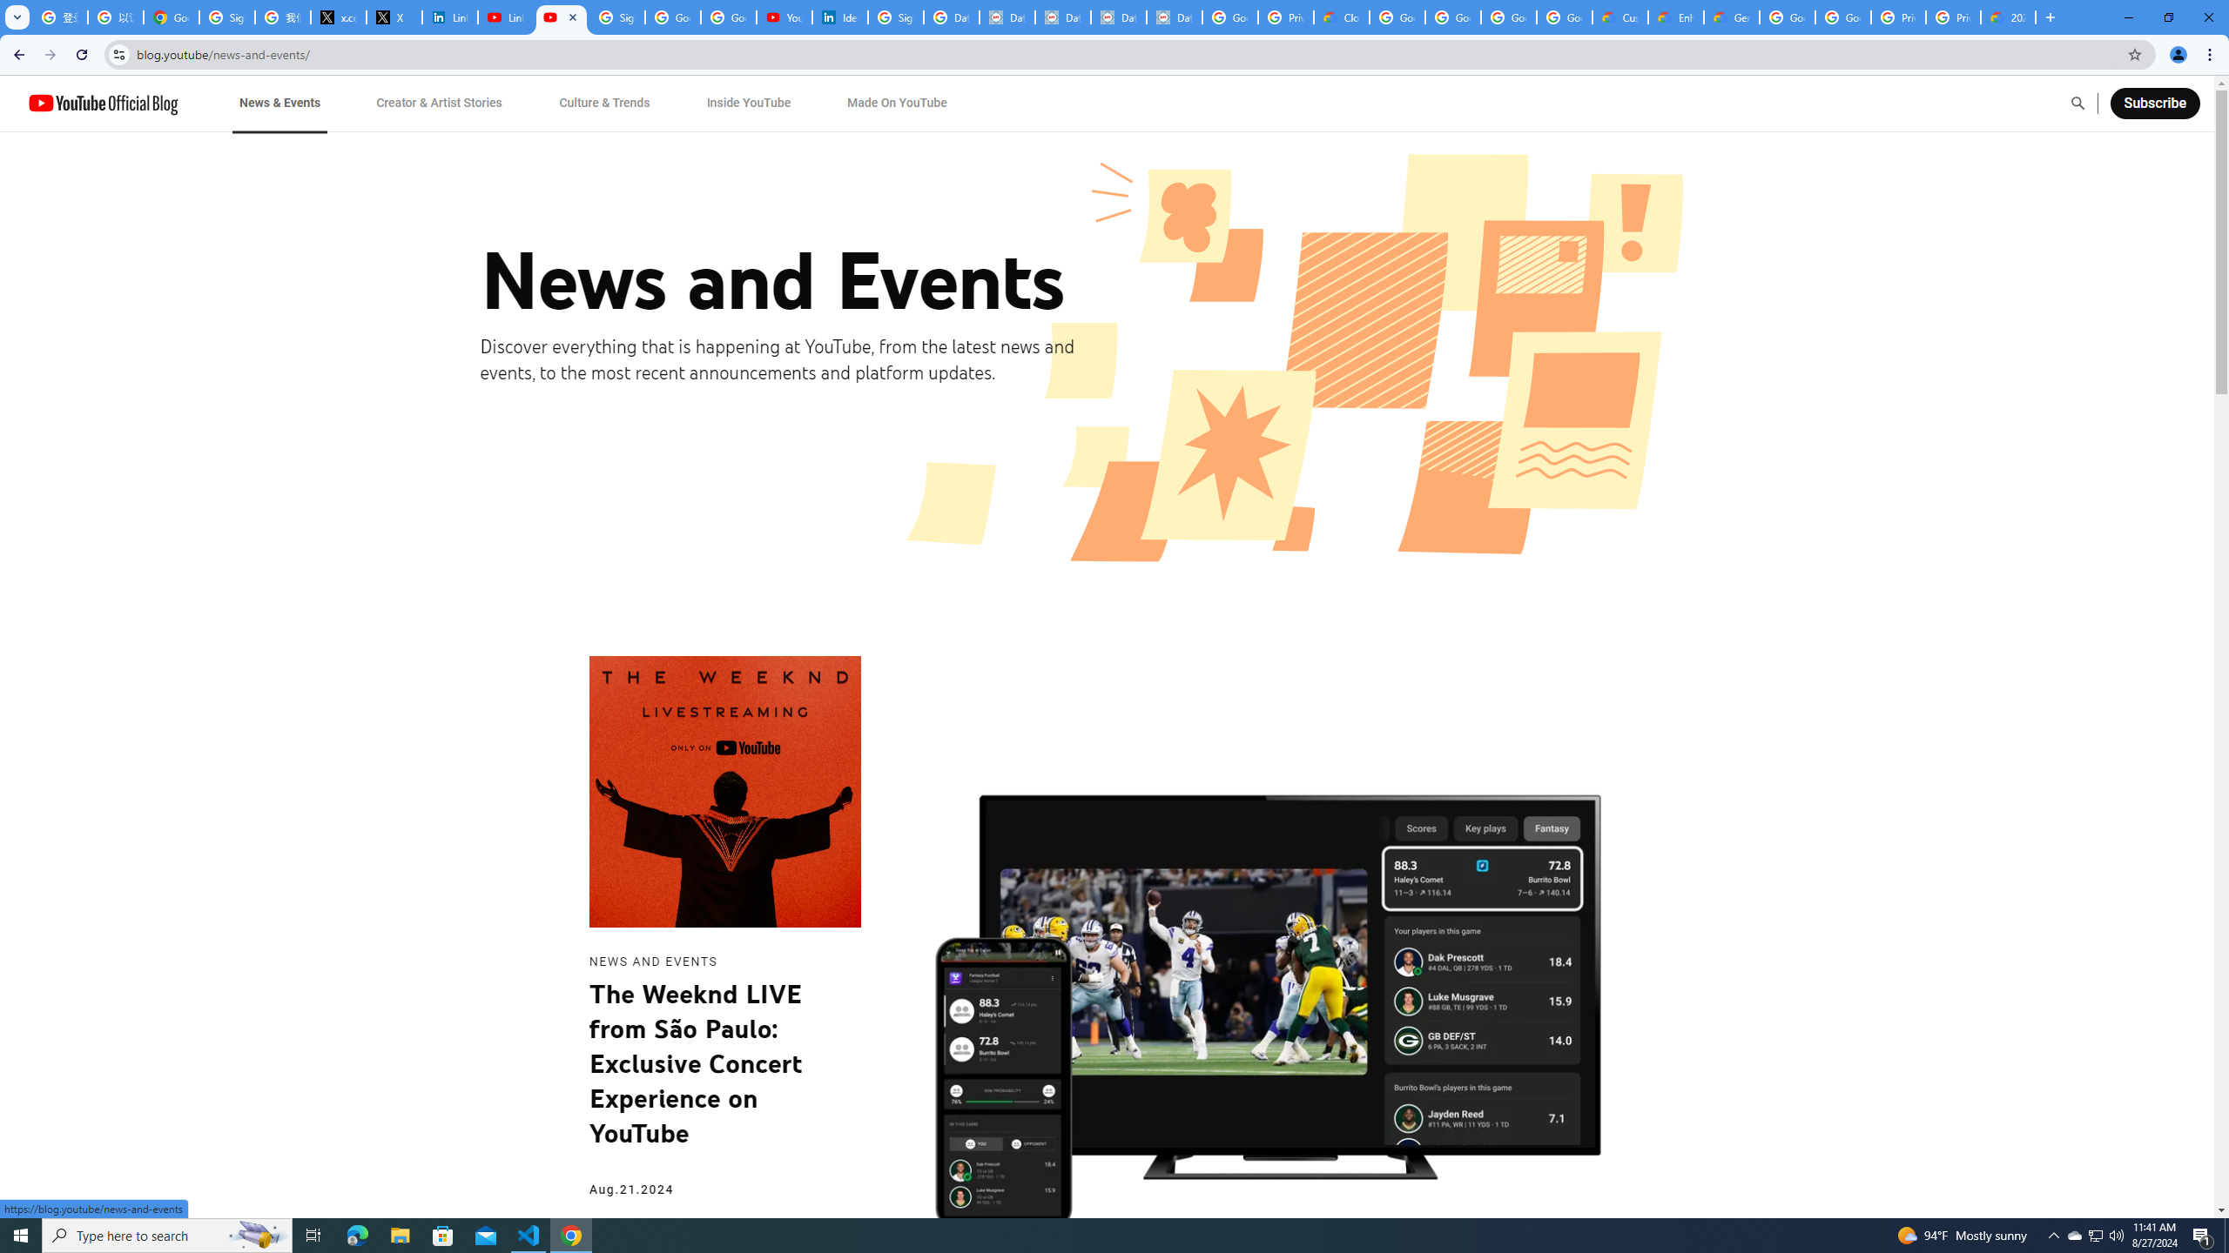 This screenshot has width=2229, height=1253. I want to click on 'Google Cloud Platform', so click(1842, 17).